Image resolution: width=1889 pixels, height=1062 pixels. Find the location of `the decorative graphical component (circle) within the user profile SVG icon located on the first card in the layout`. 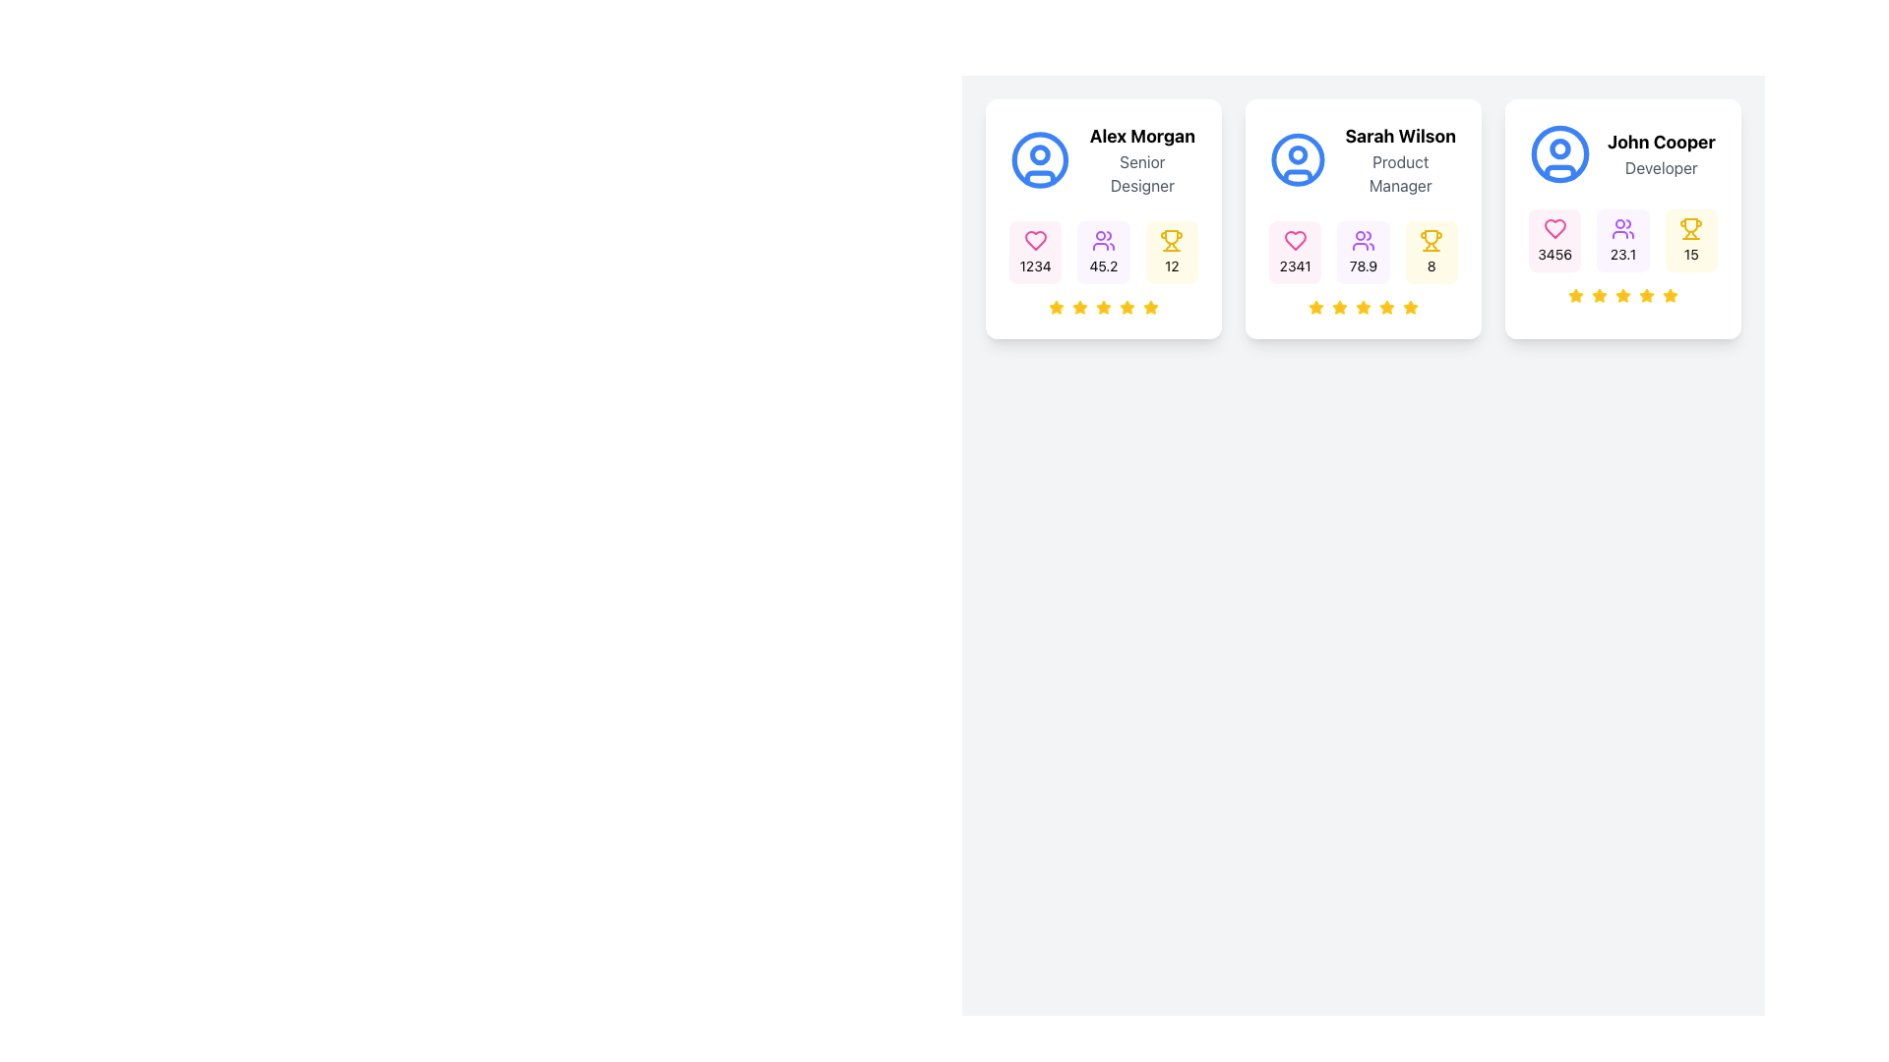

the decorative graphical component (circle) within the user profile SVG icon located on the first card in the layout is located at coordinates (1039, 153).